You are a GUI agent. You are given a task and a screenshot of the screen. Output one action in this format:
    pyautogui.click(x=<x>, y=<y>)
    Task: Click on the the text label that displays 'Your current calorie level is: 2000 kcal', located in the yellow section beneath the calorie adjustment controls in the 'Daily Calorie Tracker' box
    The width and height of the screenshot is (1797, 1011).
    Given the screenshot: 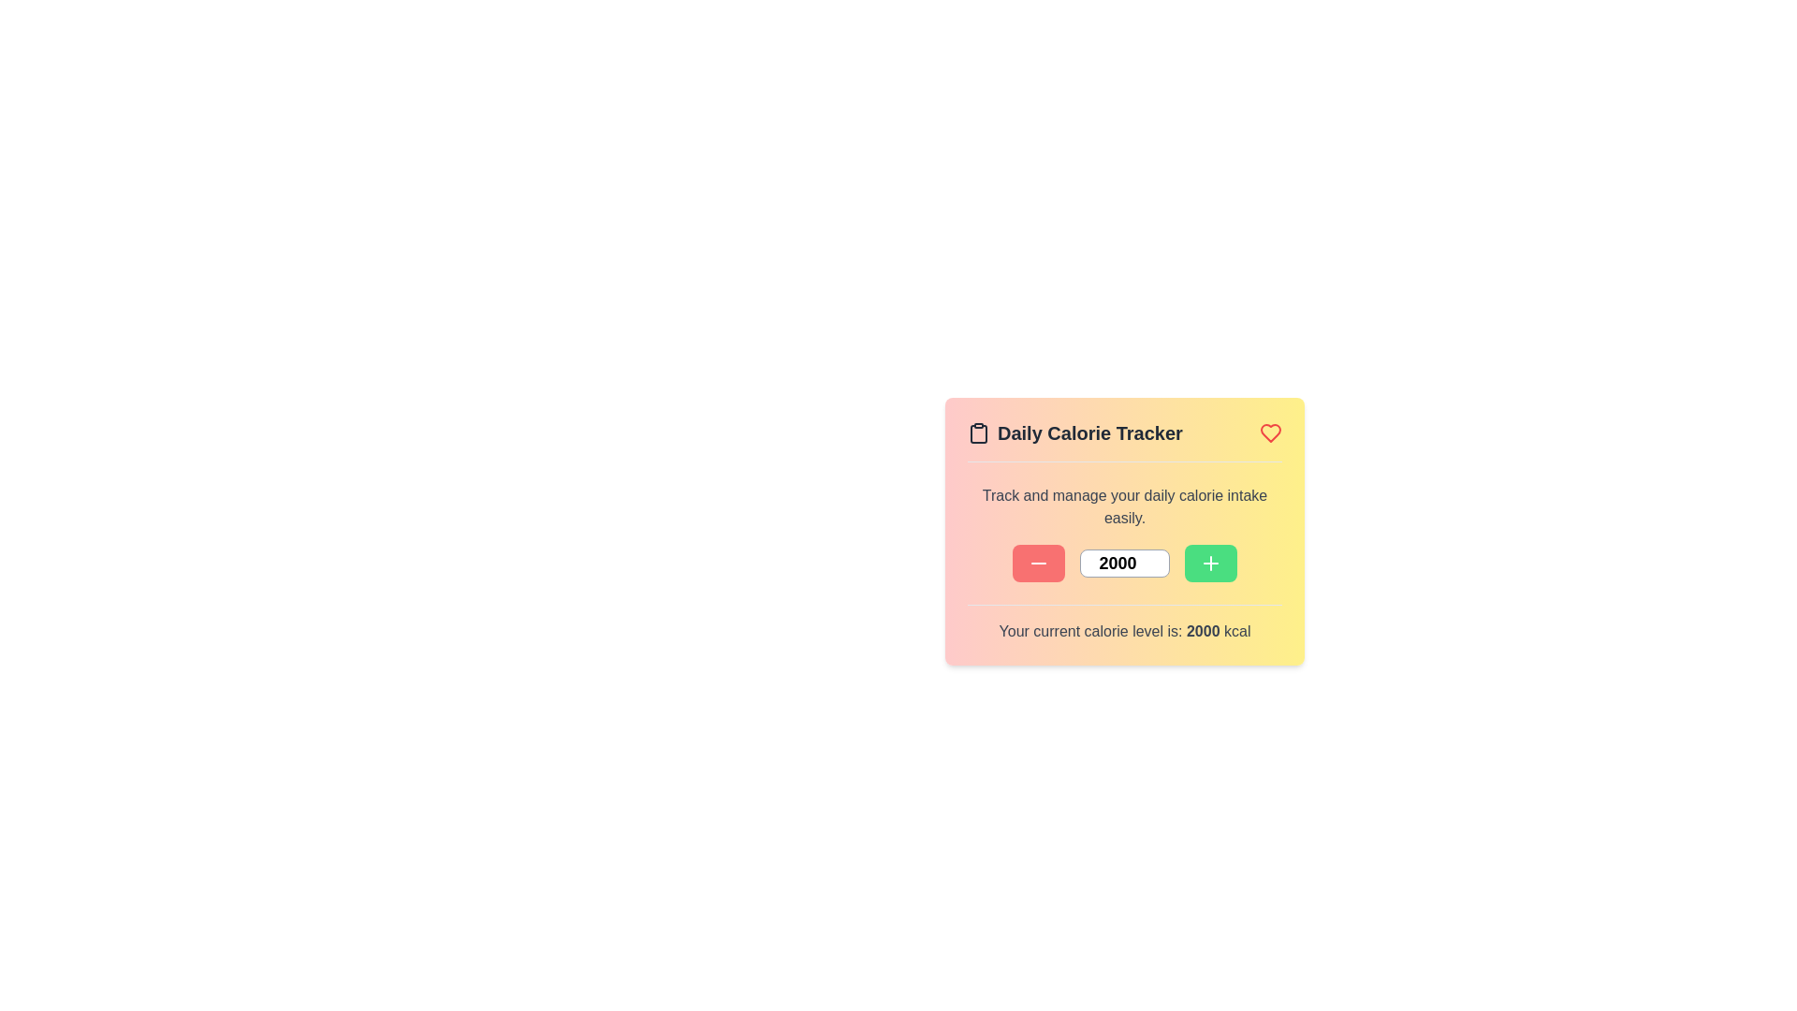 What is the action you would take?
    pyautogui.click(x=1123, y=632)
    